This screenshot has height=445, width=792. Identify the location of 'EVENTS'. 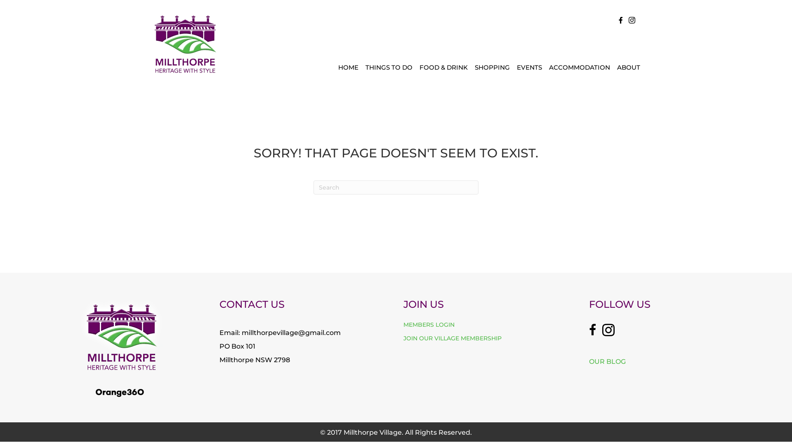
(529, 67).